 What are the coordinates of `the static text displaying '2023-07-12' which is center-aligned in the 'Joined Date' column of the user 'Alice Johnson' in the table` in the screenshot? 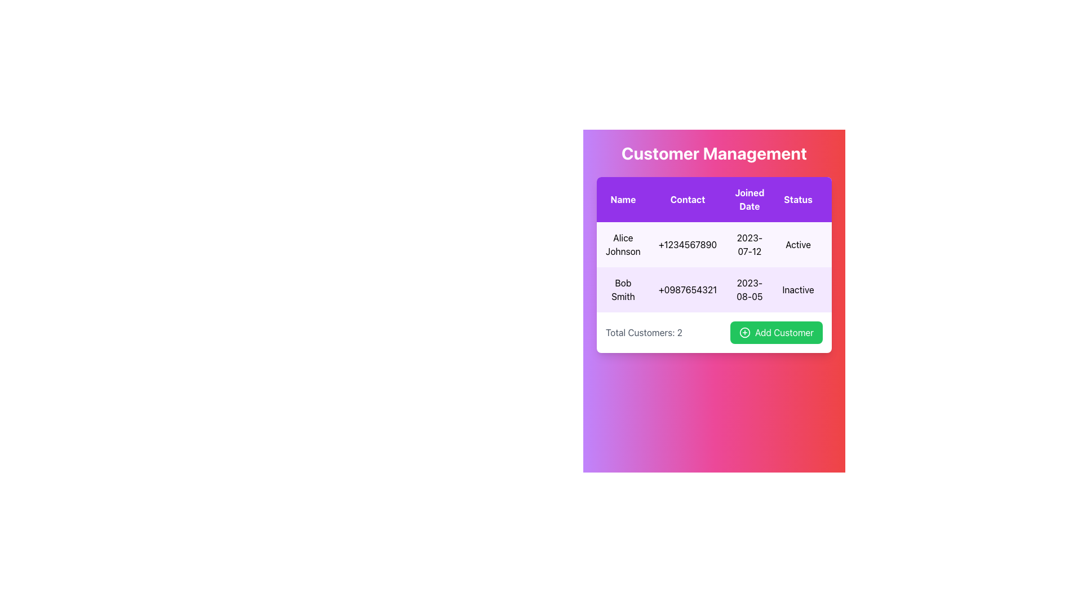 It's located at (750, 244).